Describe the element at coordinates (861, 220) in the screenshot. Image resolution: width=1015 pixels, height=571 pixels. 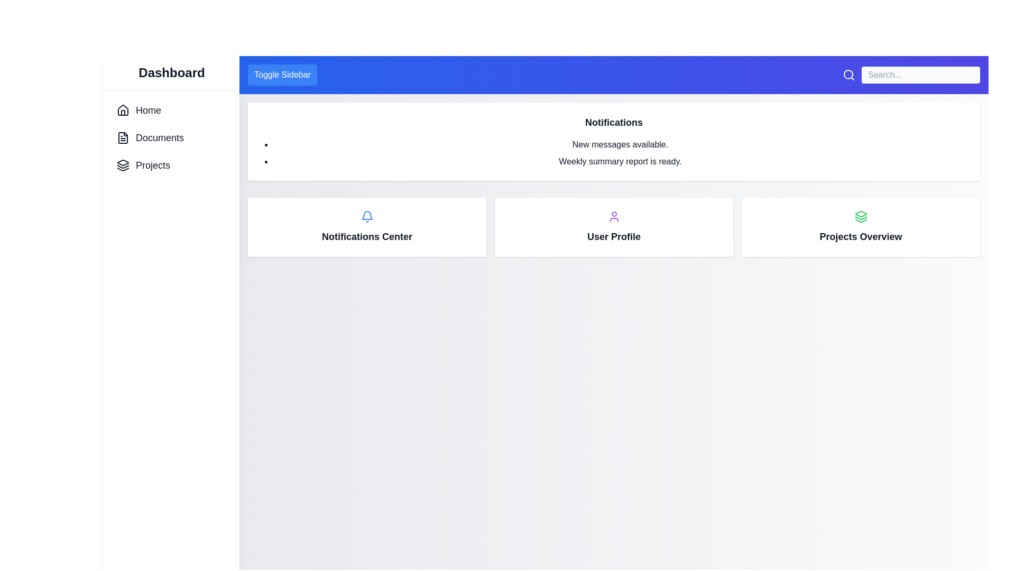
I see `the third layer of the iconic layer or vector graphic located in the 'Projects Overview' section` at that location.